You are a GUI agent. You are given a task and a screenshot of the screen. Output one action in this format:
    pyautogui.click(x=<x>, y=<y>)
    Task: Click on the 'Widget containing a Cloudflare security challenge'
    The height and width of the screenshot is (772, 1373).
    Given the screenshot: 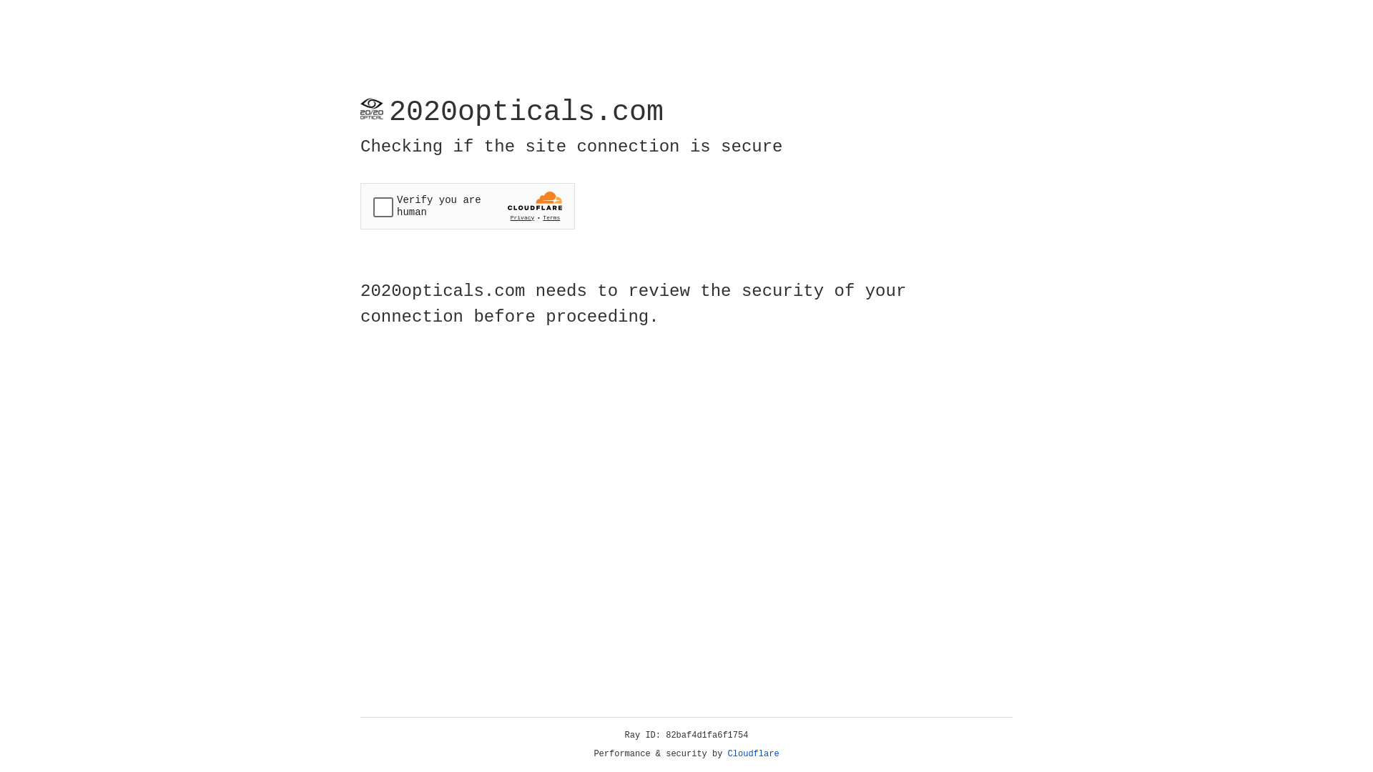 What is the action you would take?
    pyautogui.click(x=467, y=206)
    